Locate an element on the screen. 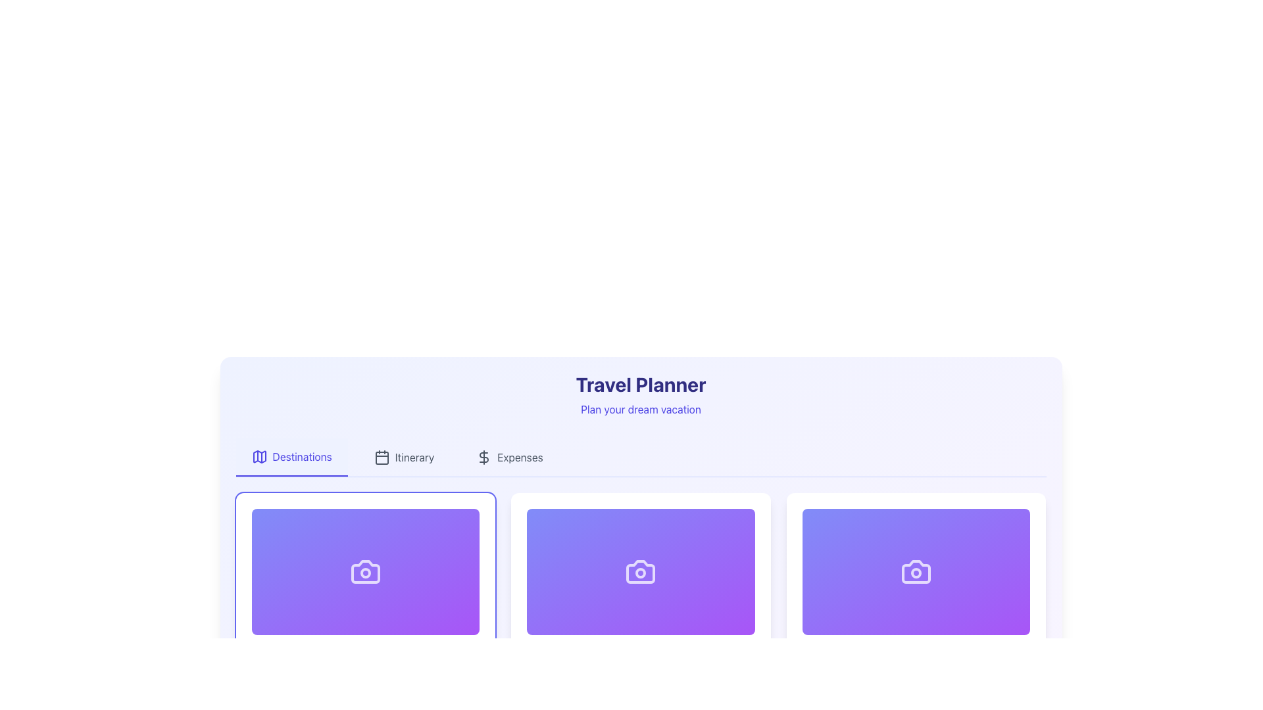  the camera icon with a gradient purple color and white details, located in the second tile from the left under the 'Travel Planner' header is located at coordinates (916, 571).